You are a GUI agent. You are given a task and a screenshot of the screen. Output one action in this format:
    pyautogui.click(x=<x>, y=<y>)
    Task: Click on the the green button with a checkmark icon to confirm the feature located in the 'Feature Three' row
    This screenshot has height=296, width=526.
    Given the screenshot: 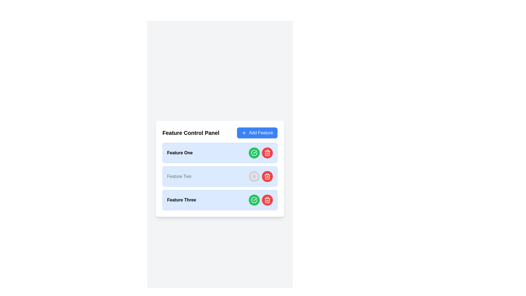 What is the action you would take?
    pyautogui.click(x=260, y=200)
    